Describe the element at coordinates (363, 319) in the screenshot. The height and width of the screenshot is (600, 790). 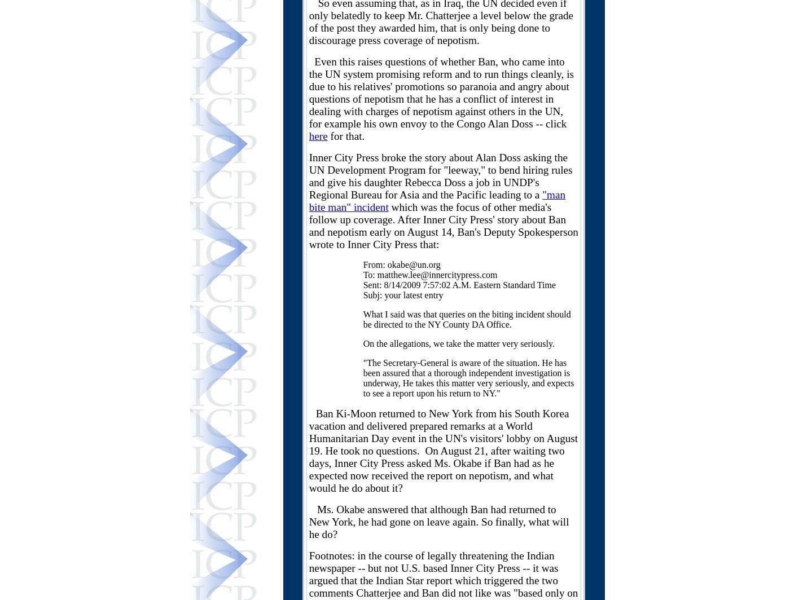
I see `'What
I said was that queries on the biting incident should be directed to
the NY County DA Office.'` at that location.